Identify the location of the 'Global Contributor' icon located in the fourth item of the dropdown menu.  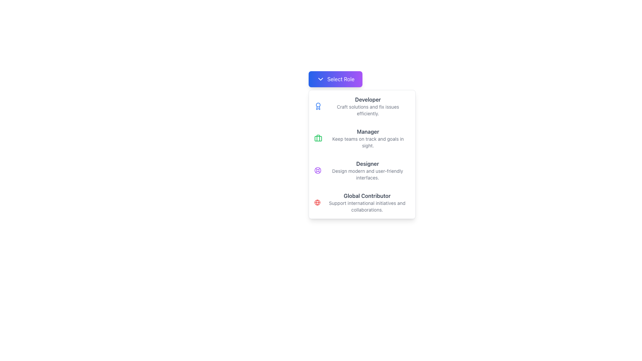
(317, 202).